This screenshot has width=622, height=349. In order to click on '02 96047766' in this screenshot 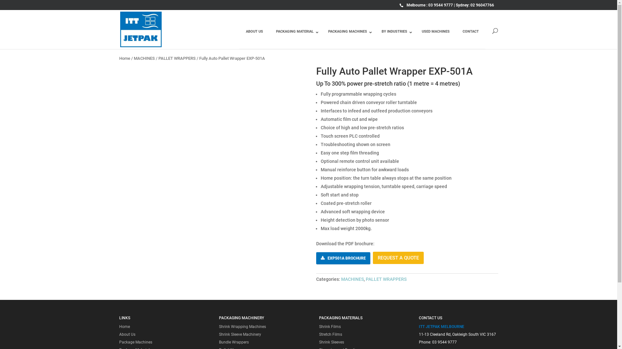, I will do `click(482, 5)`.